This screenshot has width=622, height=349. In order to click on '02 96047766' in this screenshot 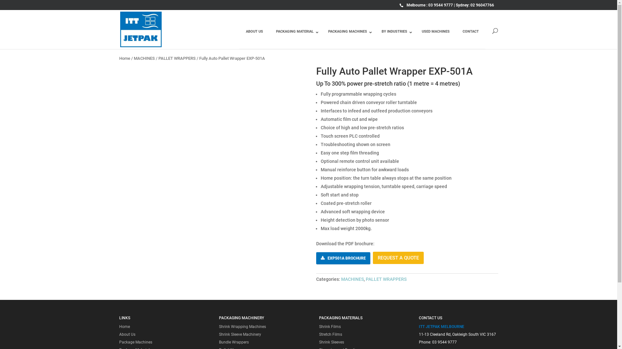, I will do `click(482, 5)`.